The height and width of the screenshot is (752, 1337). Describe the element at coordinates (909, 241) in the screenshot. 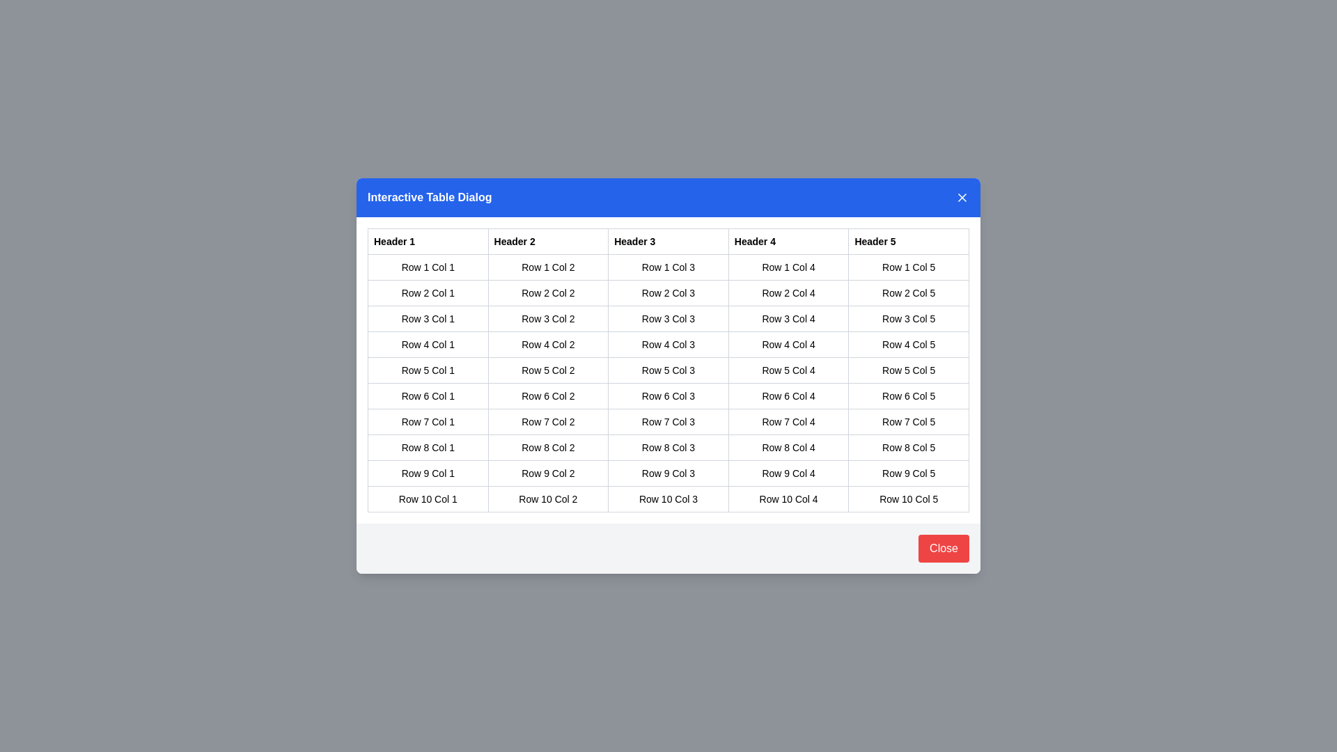

I see `the table header Header 5` at that location.